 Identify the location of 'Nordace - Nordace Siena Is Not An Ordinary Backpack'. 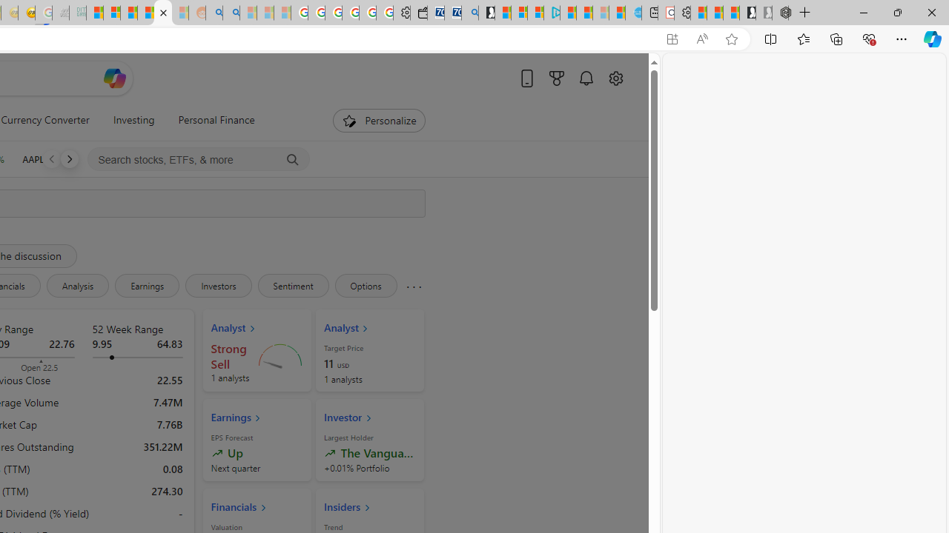
(779, 13).